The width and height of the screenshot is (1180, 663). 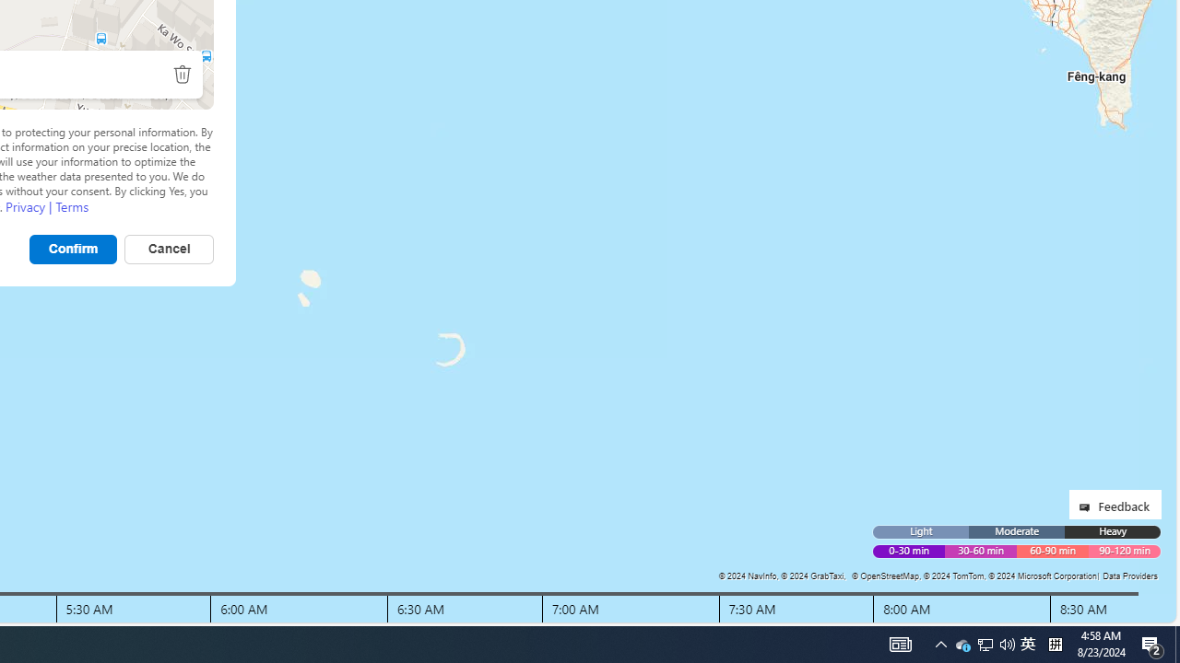 I want to click on 'Remove', so click(x=182, y=73).